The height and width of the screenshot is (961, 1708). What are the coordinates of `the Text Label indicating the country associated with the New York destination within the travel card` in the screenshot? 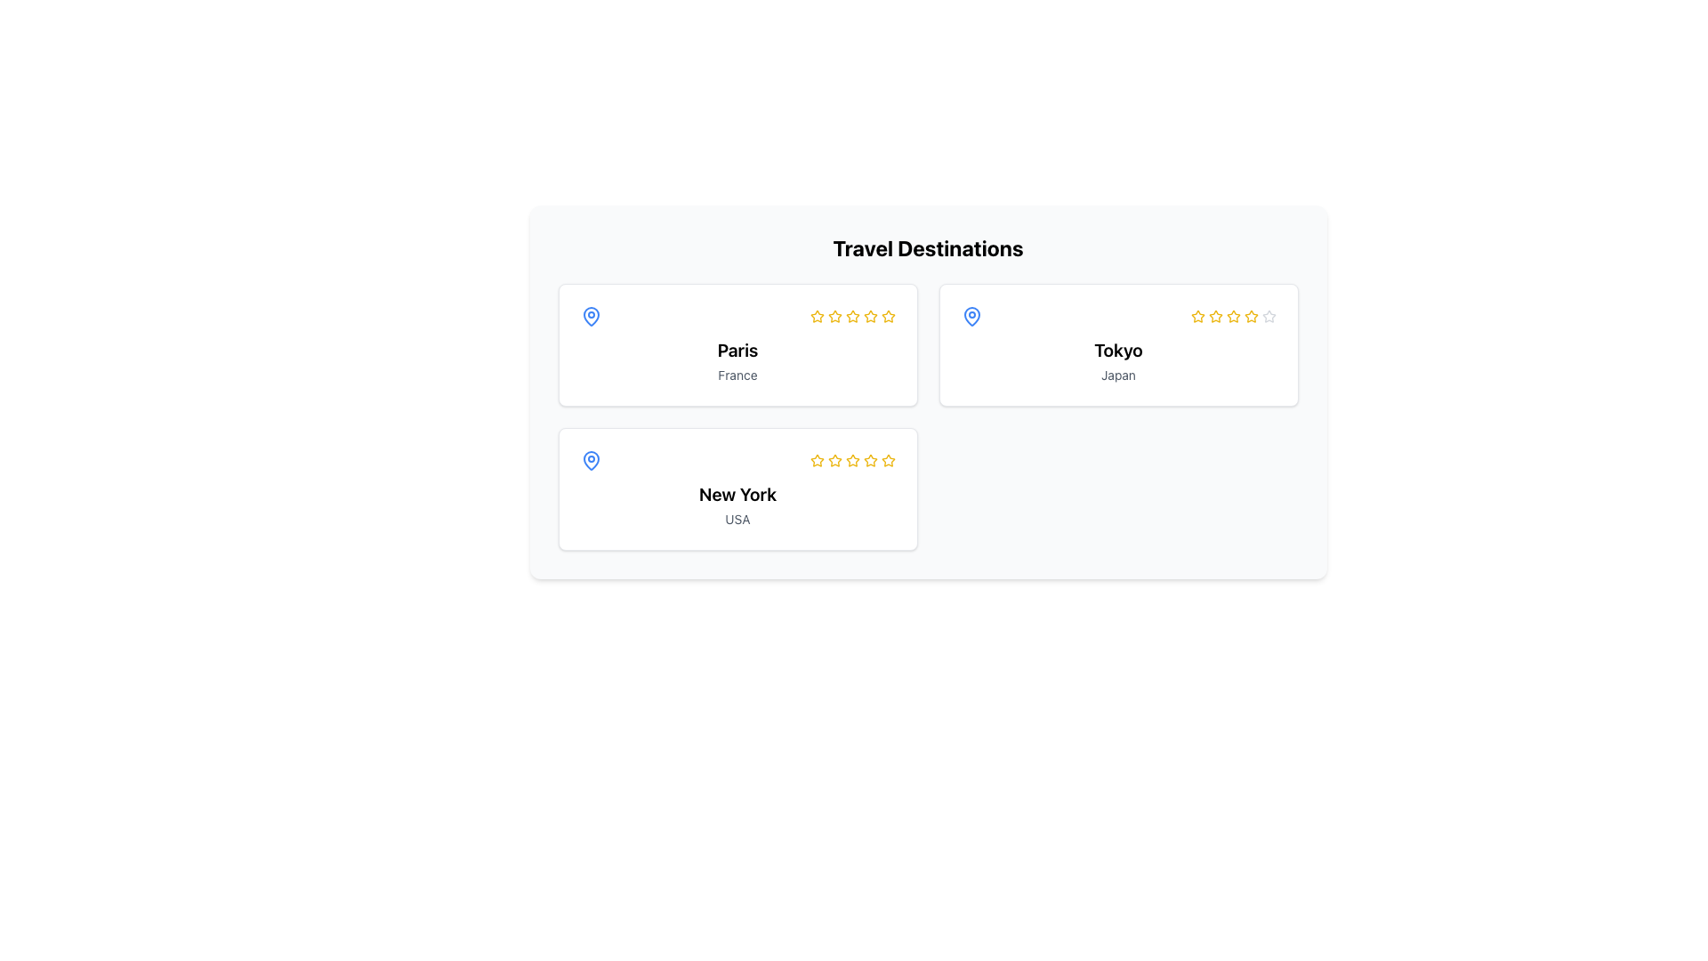 It's located at (737, 519).